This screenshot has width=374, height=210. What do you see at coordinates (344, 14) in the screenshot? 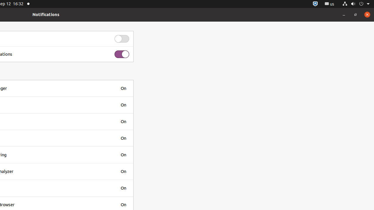
I see `'Minimize'` at bounding box center [344, 14].